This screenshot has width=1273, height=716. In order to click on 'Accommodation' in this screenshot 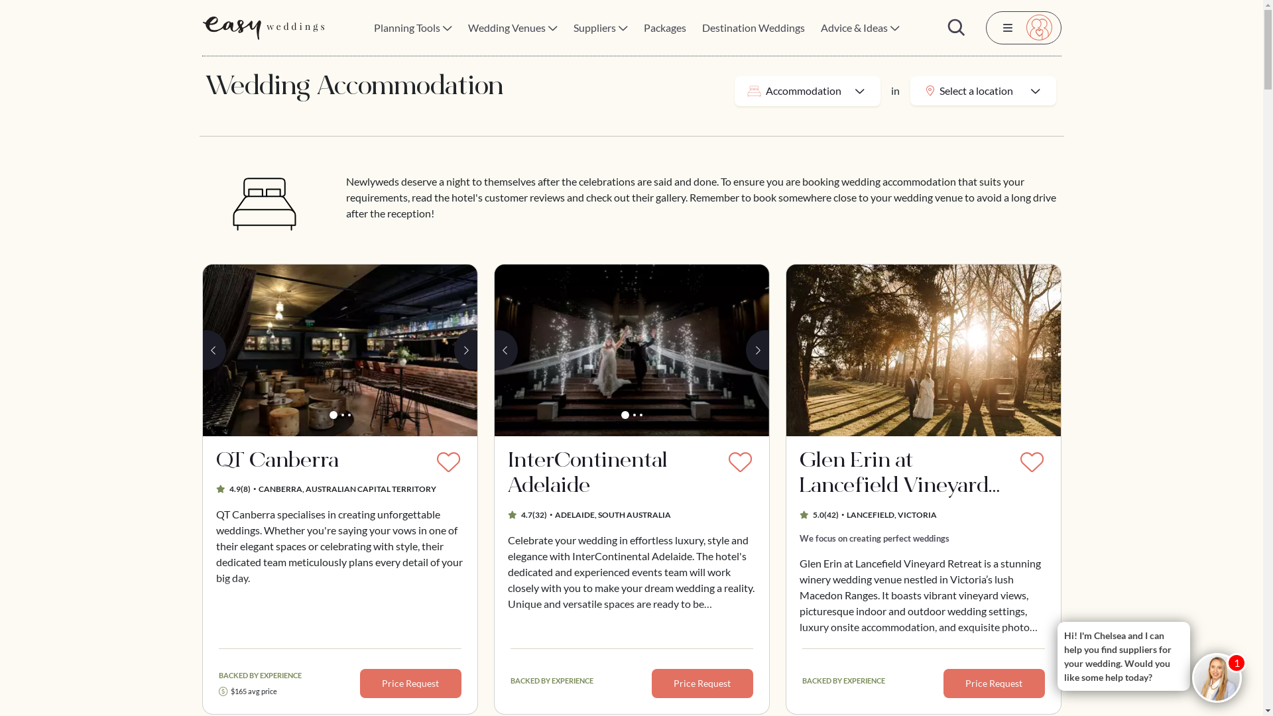, I will do `click(807, 89)`.